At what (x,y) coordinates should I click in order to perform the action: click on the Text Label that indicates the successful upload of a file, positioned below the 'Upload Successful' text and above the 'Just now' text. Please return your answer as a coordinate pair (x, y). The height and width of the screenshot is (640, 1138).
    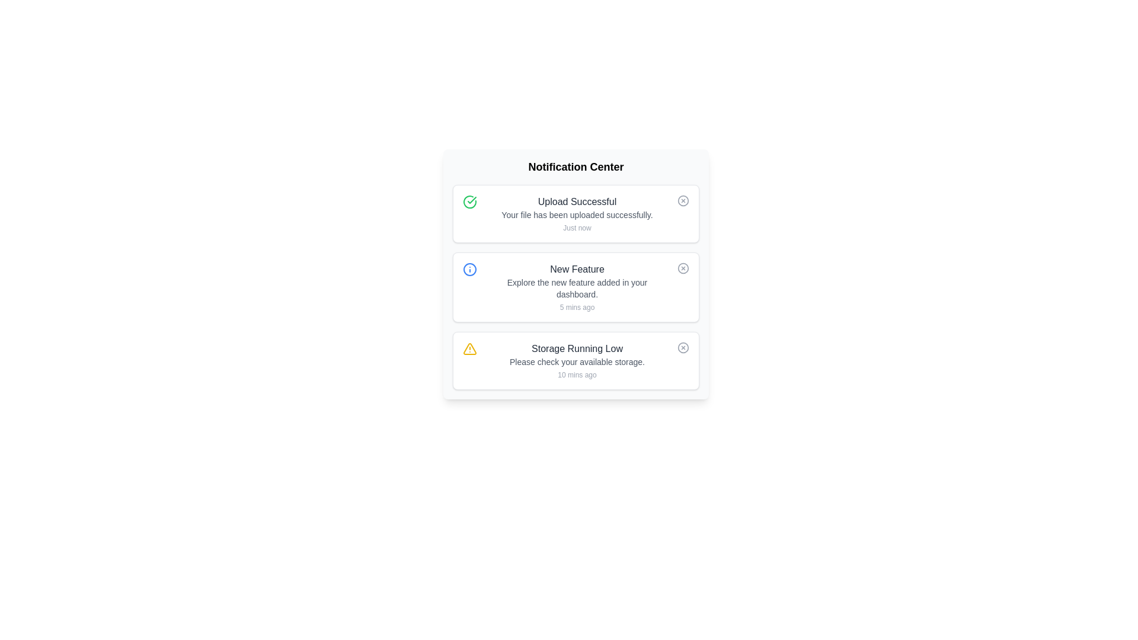
    Looking at the image, I should click on (577, 215).